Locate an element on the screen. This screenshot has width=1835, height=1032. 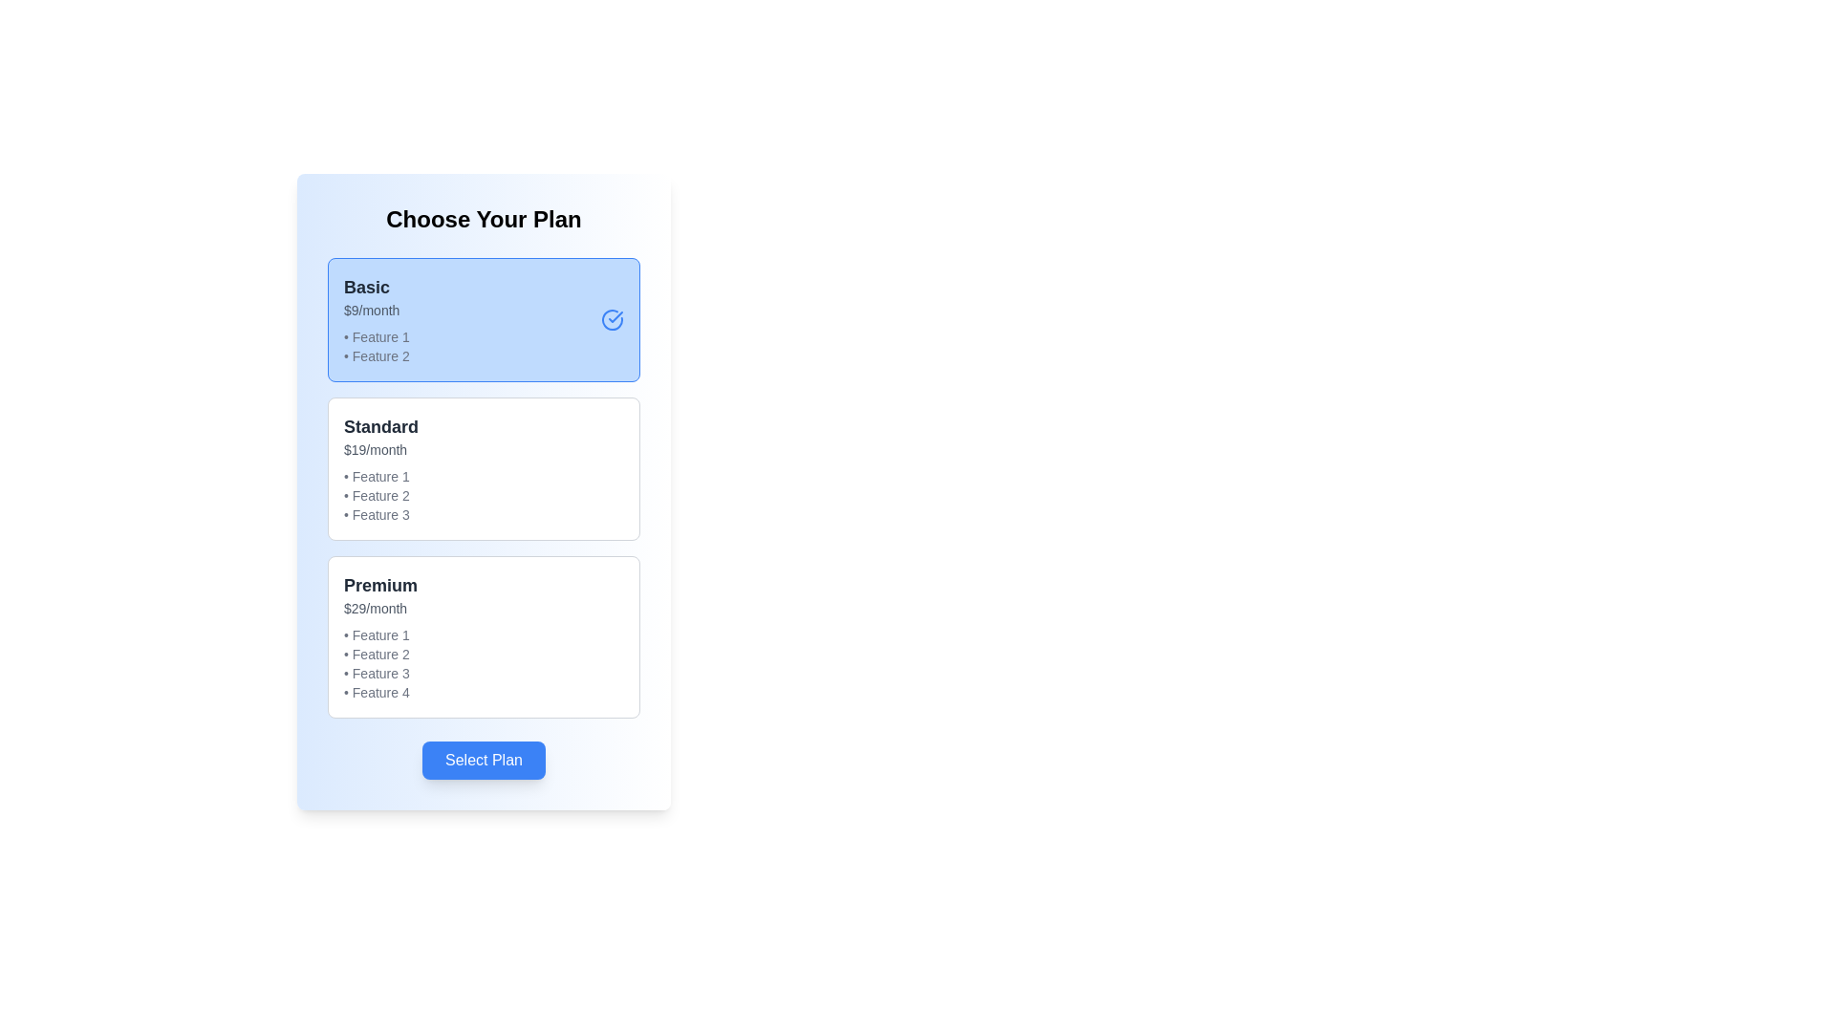
the subscription selection button located at the bottom of the card layout for the Premium plan is located at coordinates (484, 759).